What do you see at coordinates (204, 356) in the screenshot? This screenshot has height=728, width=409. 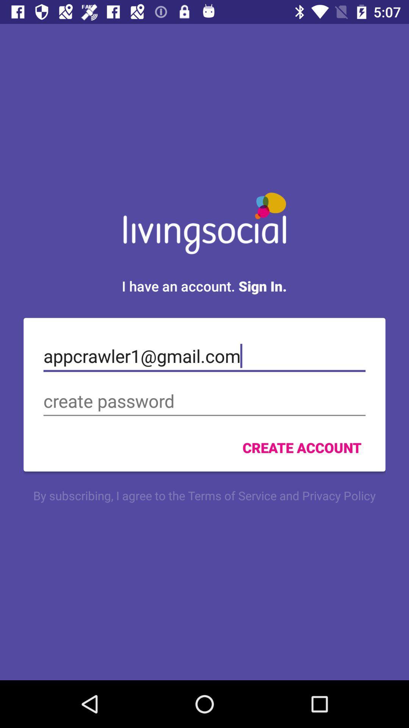 I see `the appcrawler1@gmail.com item` at bounding box center [204, 356].